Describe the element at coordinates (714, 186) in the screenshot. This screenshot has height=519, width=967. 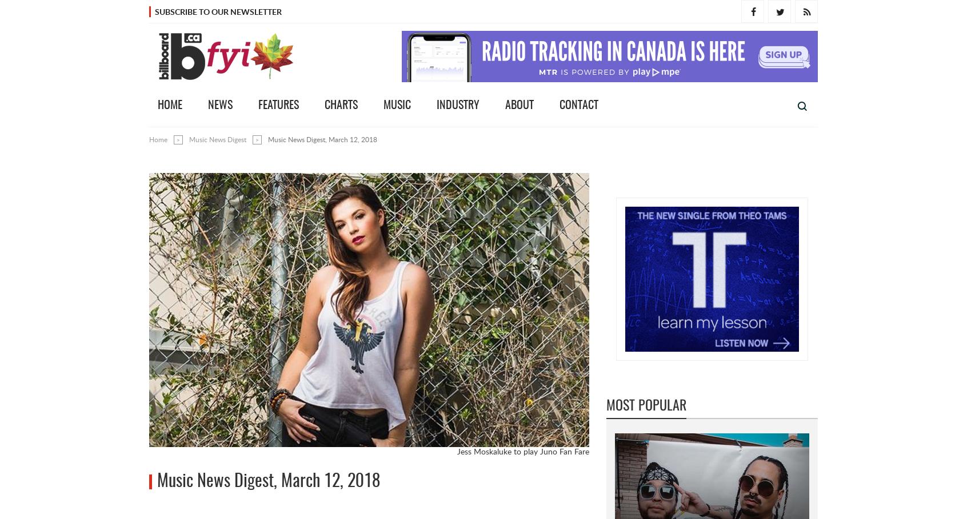
I see `'Airplay'` at that location.